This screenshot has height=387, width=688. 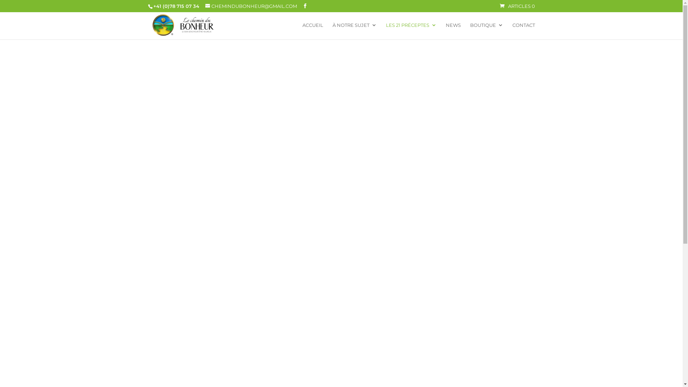 What do you see at coordinates (313, 30) in the screenshot?
I see `'ACCUEIL'` at bounding box center [313, 30].